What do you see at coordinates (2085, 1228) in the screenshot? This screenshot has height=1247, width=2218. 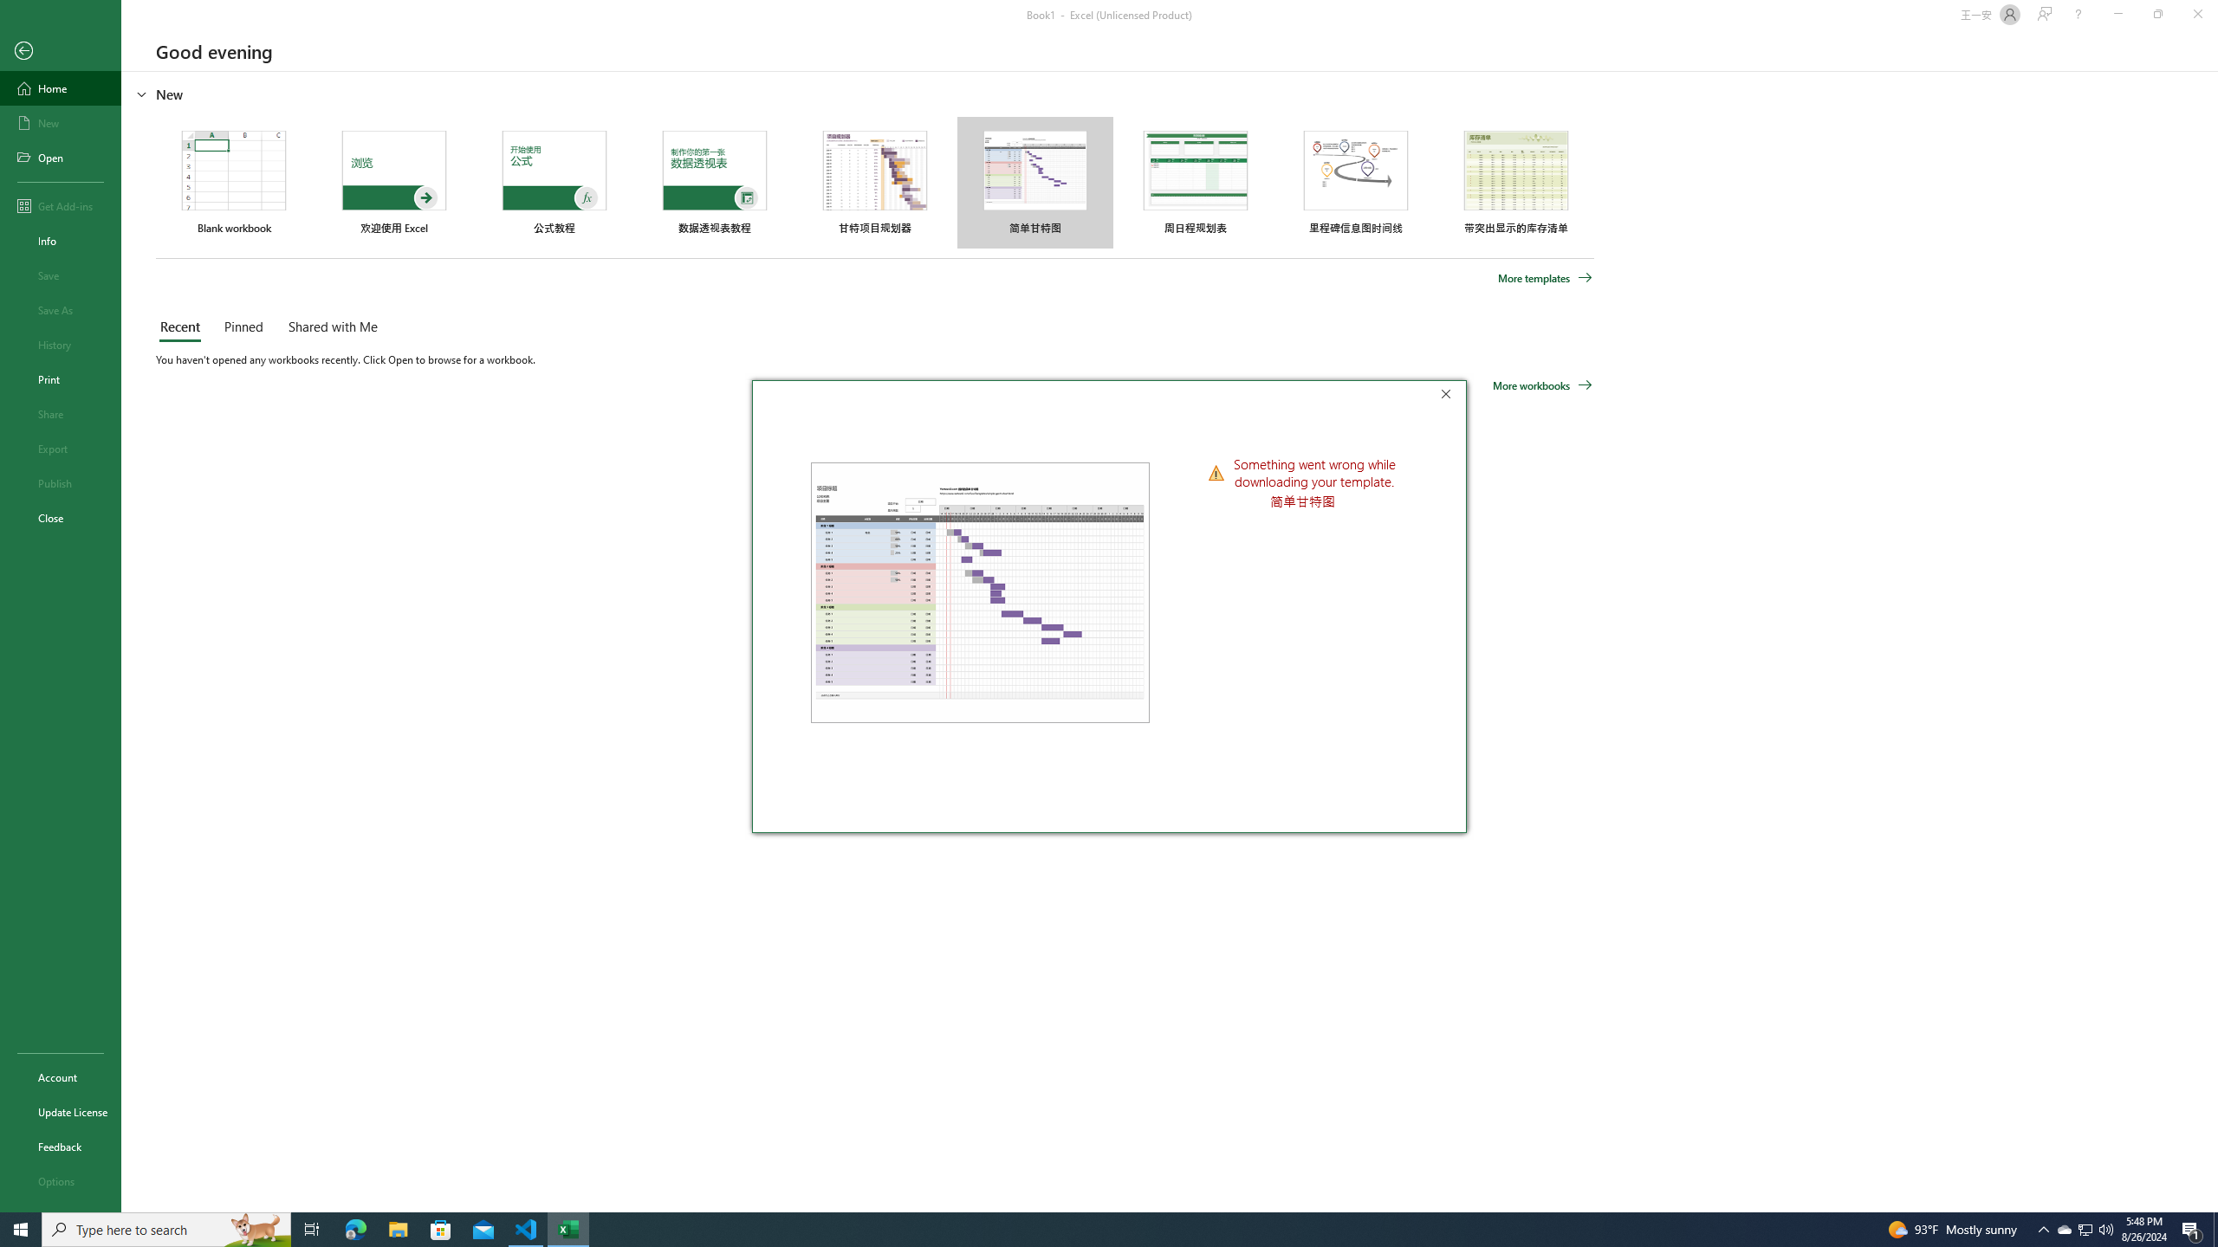 I see `'User Promoted Notification Area'` at bounding box center [2085, 1228].